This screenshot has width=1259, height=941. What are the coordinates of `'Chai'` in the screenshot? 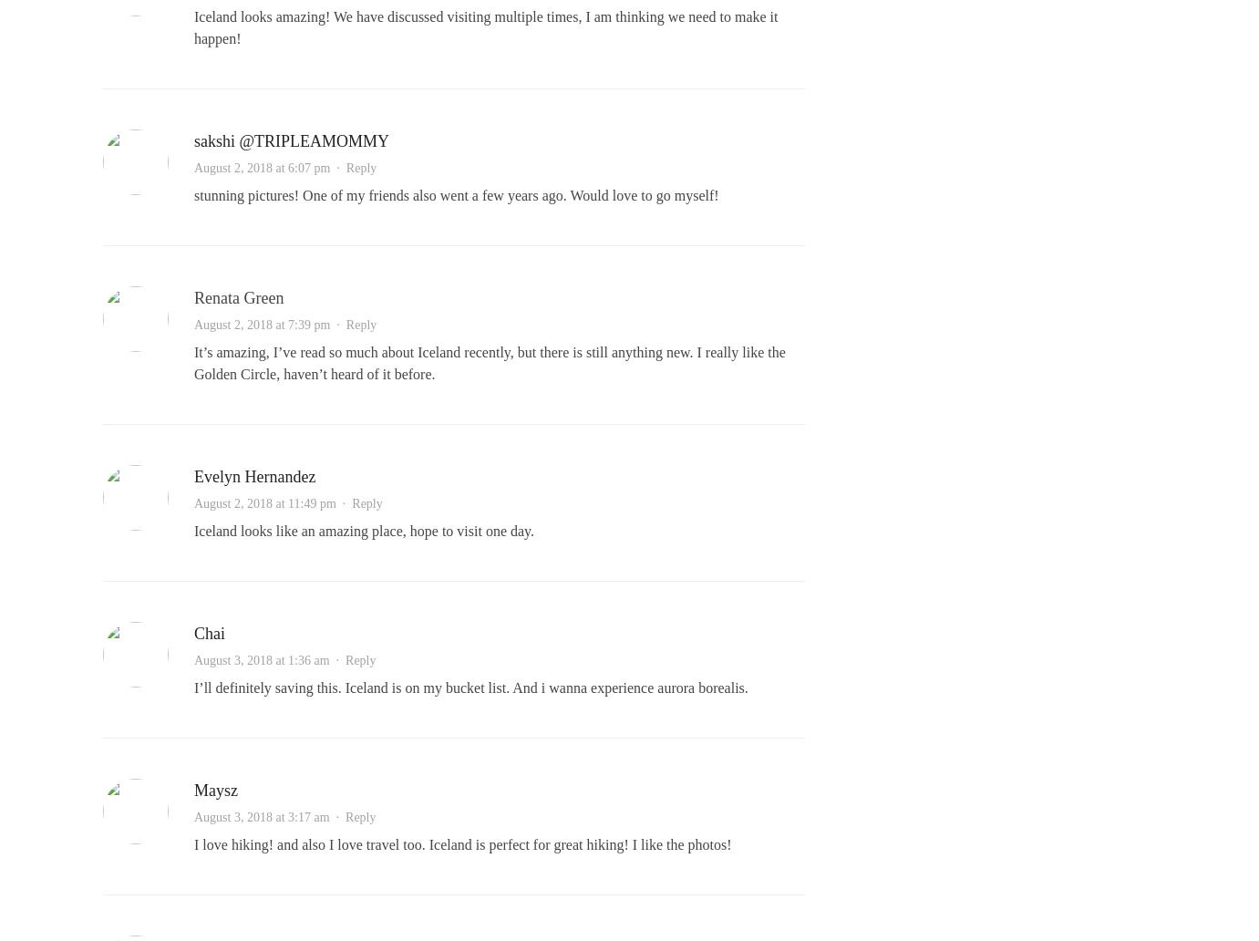 It's located at (208, 632).